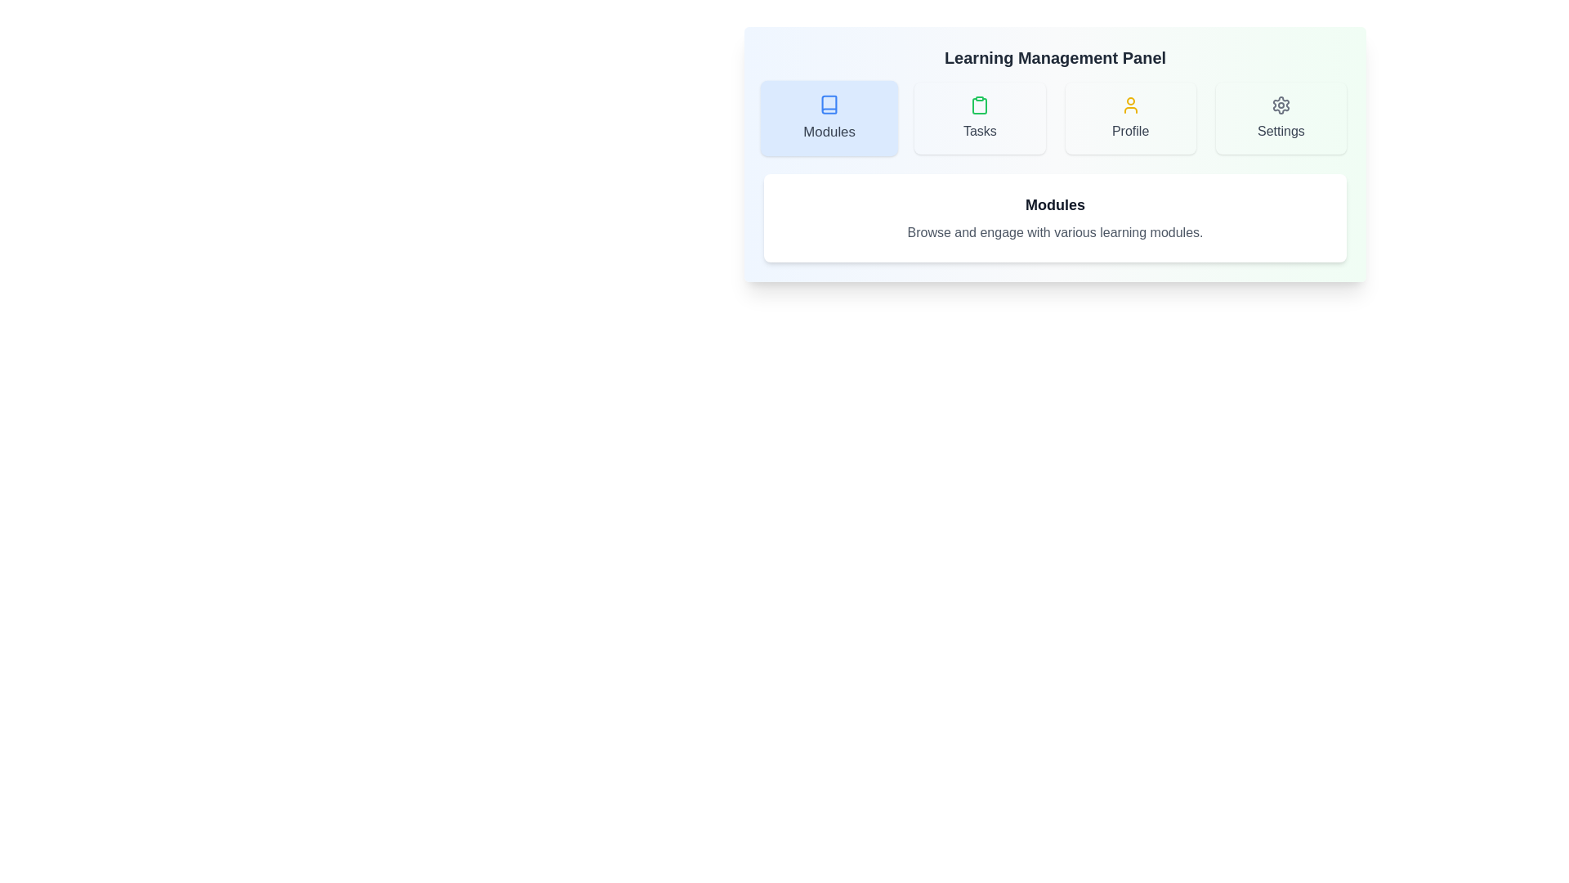  Describe the element at coordinates (980, 118) in the screenshot. I see `the Tasks tab to navigate` at that location.